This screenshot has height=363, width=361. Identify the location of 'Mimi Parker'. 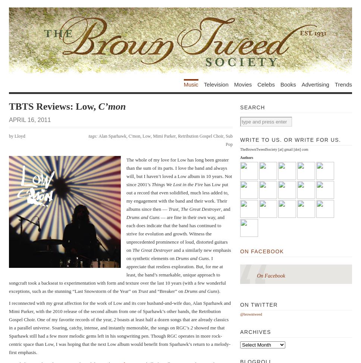
(153, 135).